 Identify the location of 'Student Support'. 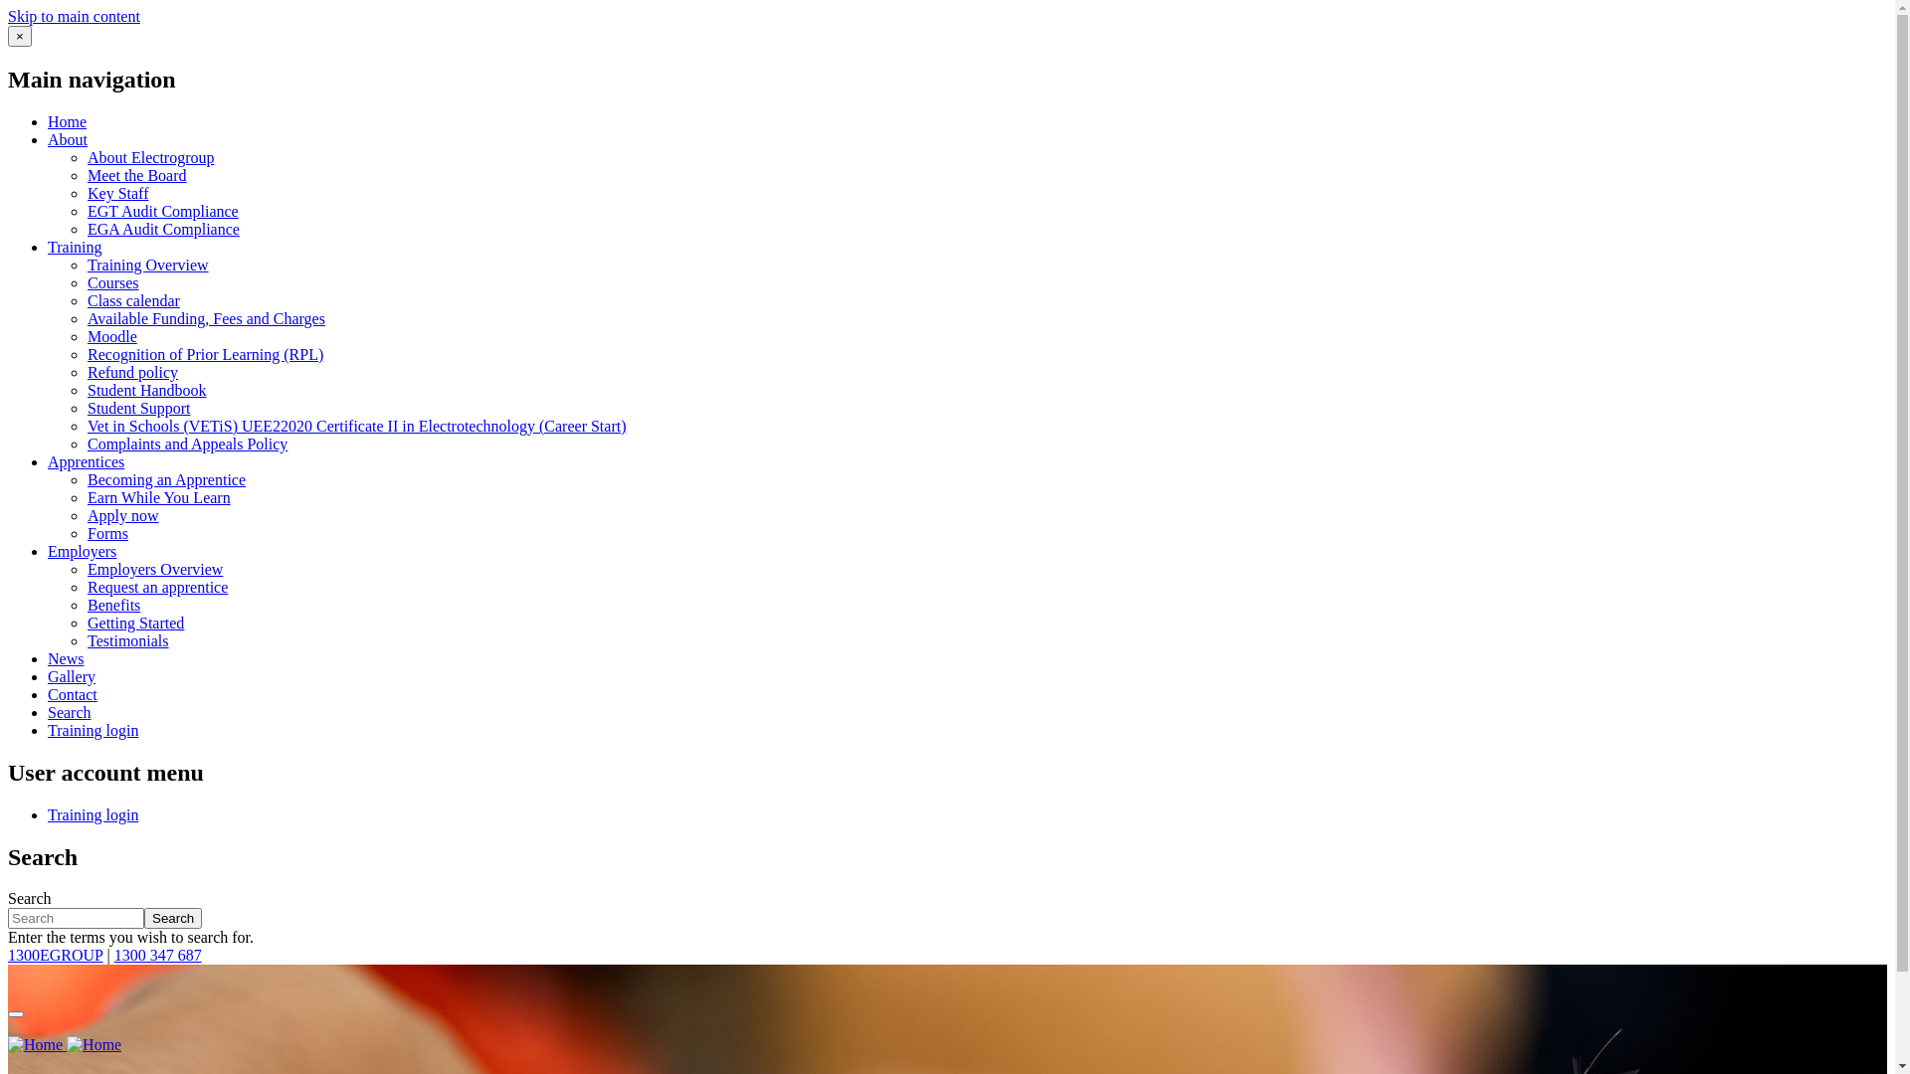
(137, 407).